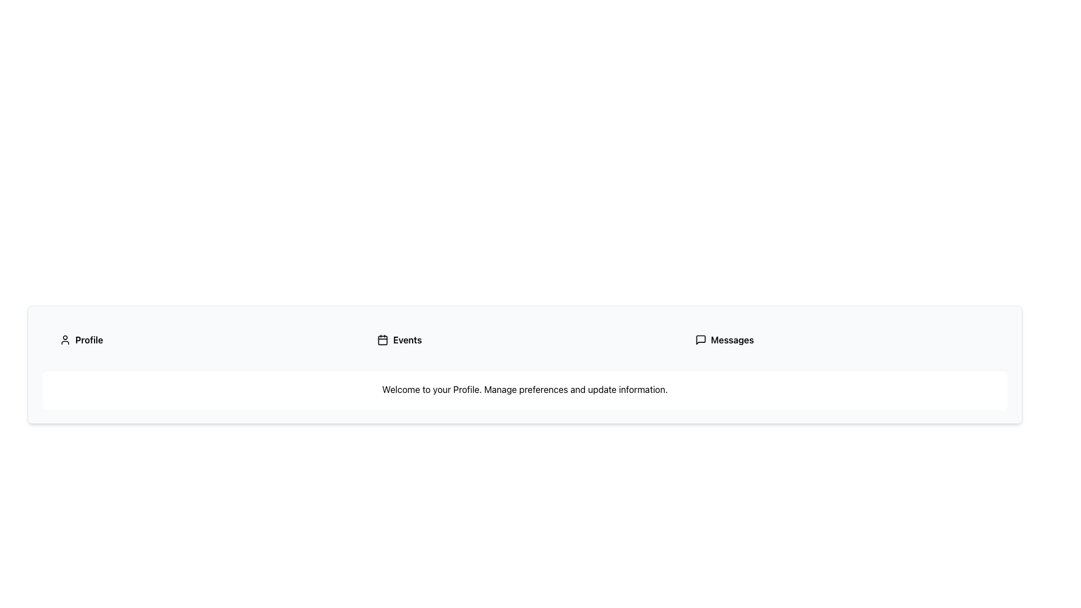 Image resolution: width=1081 pixels, height=608 pixels. I want to click on the user profile icon, which is styled with a simple black outline and located to the left of the text 'Profile' in the horizontal navigation bar, so click(64, 339).